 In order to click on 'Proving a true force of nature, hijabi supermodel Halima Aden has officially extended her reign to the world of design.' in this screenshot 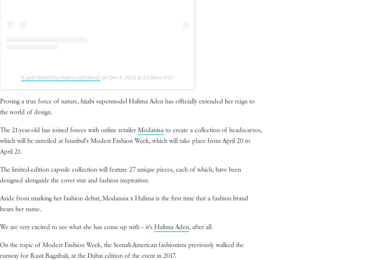, I will do `click(127, 106)`.